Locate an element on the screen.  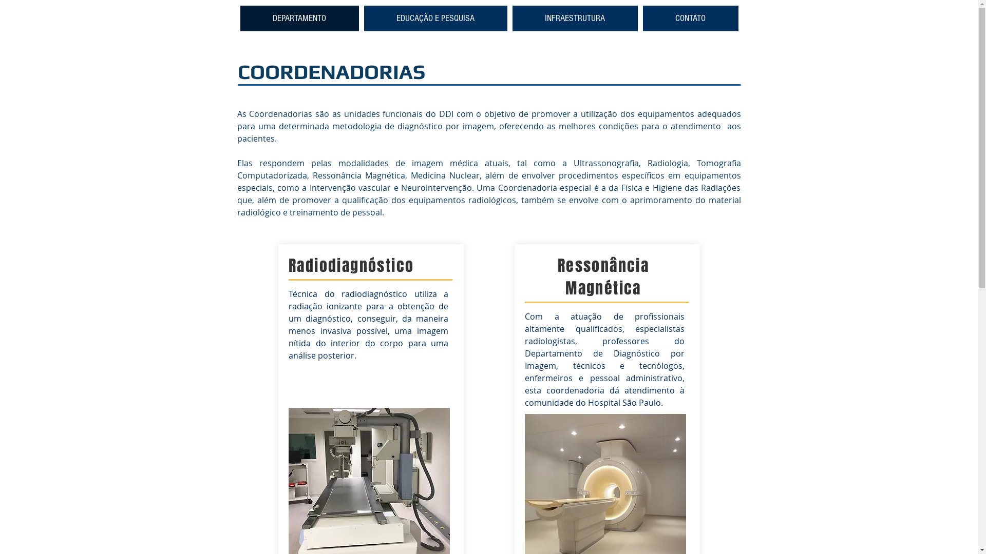
'INFRAESTRUTURA' is located at coordinates (513, 18).